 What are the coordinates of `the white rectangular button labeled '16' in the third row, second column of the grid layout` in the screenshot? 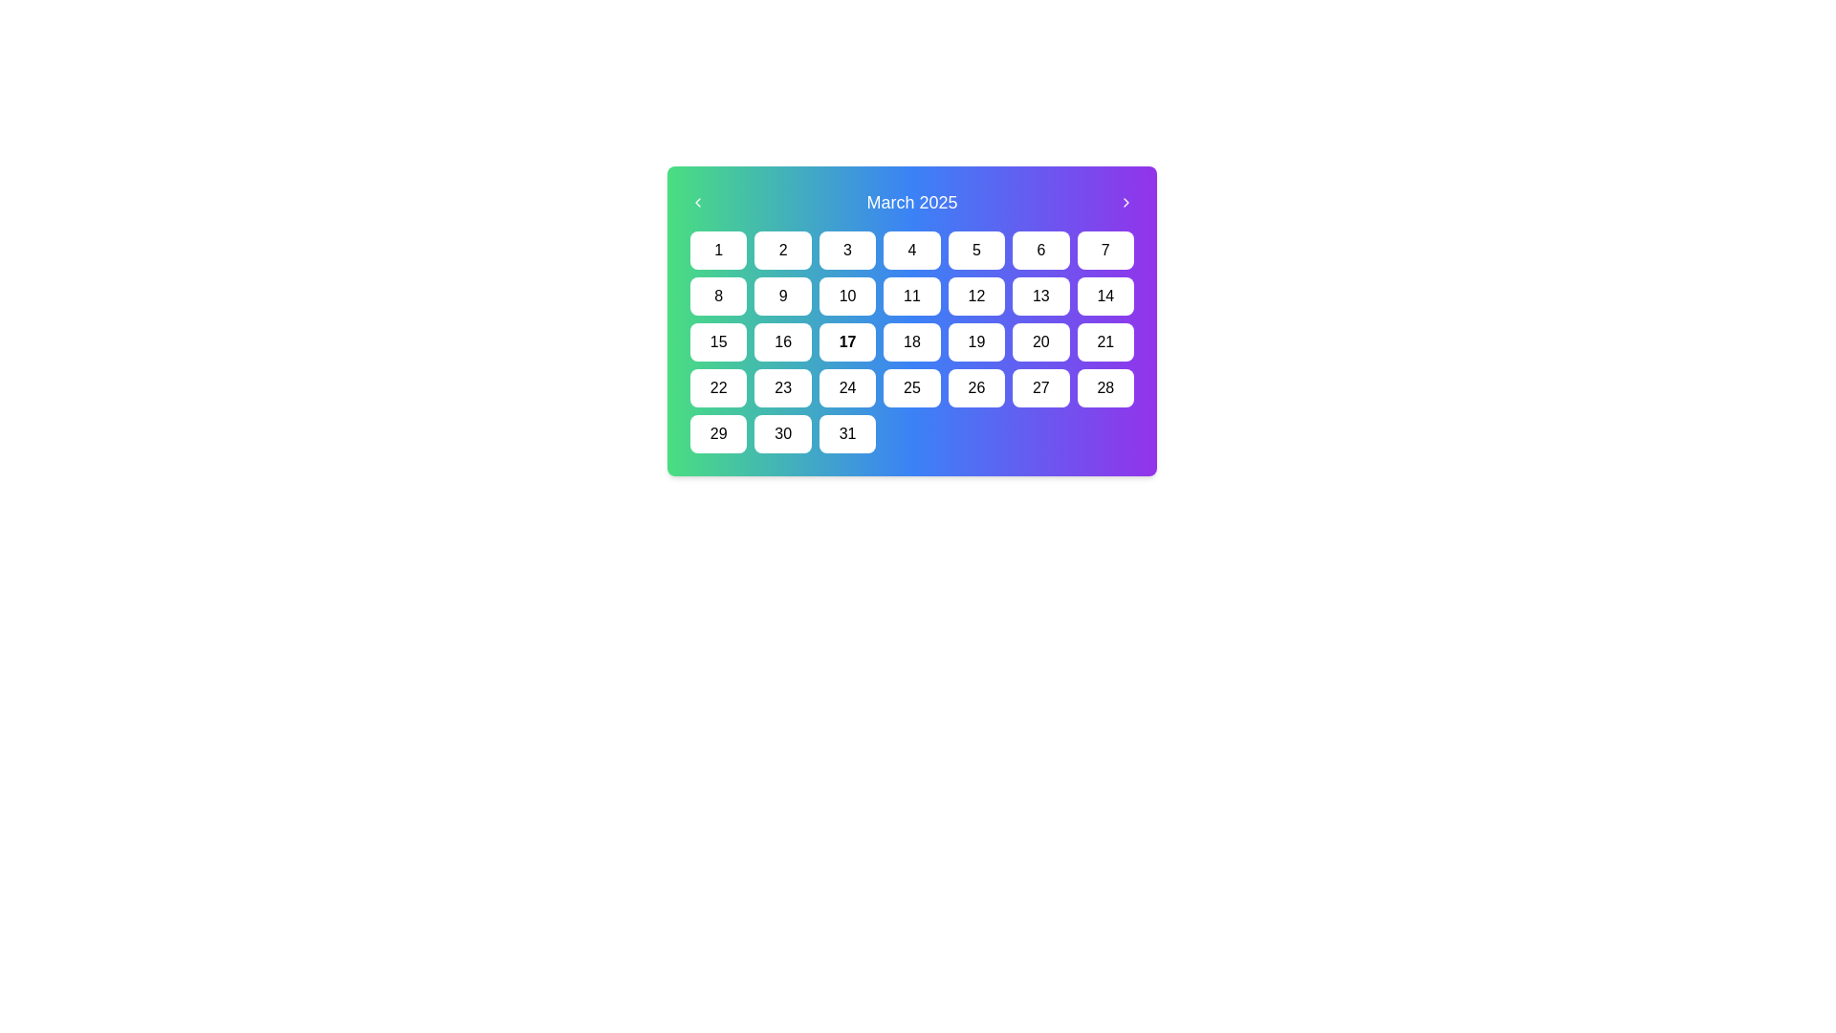 It's located at (783, 341).